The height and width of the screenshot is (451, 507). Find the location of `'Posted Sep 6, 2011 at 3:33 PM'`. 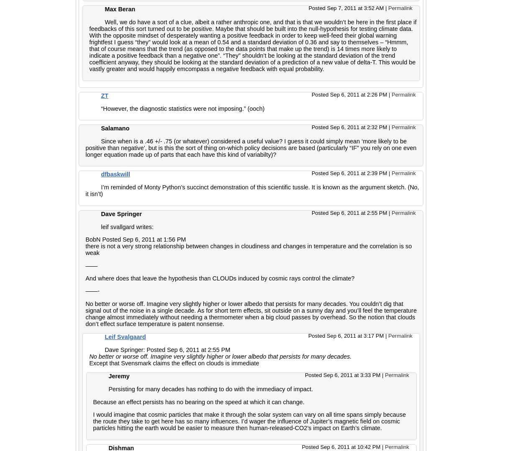

'Posted Sep 6, 2011 at 3:33 PM' is located at coordinates (343, 375).